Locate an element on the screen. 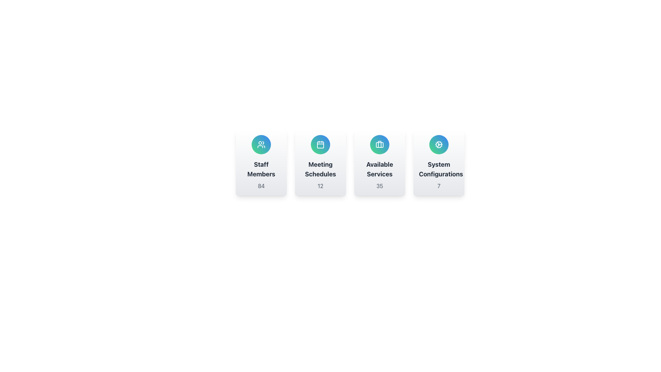 The image size is (661, 372). the Text Display element that shows the value '7', which is located at the bottom of the 'System Configurations' card is located at coordinates (439, 186).